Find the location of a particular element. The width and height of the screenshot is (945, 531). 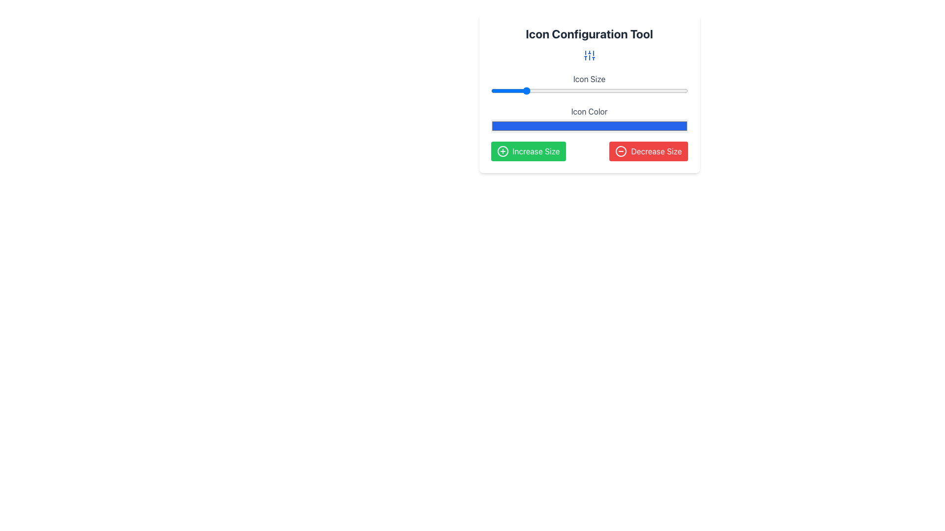

the icon size is located at coordinates (527, 91).